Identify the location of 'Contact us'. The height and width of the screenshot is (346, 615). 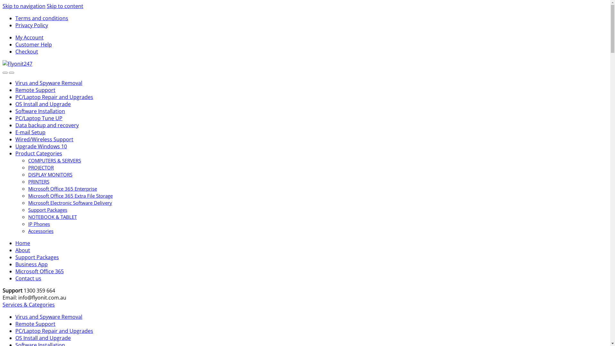
(15, 278).